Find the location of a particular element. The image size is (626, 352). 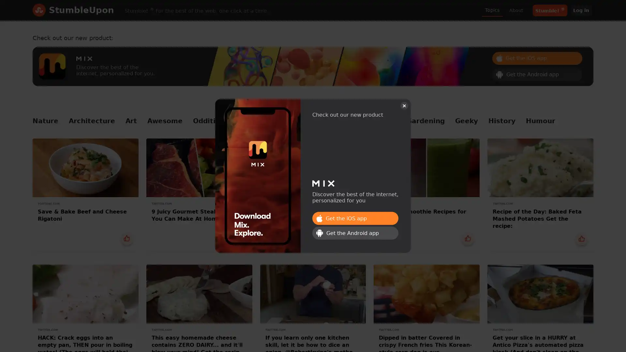

Header Image 1 Get the iOS app is located at coordinates (355, 218).